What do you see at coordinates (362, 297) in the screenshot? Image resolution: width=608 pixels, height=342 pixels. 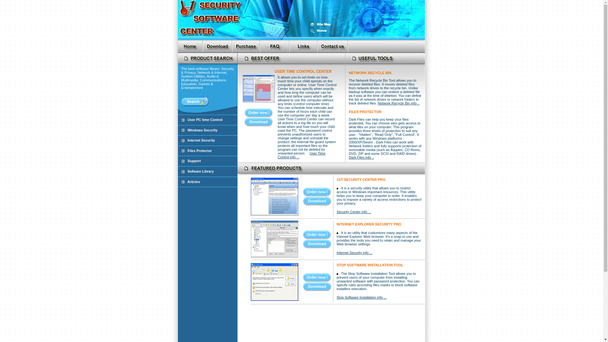 I see `'Stop Software Installation info ...'` at bounding box center [362, 297].